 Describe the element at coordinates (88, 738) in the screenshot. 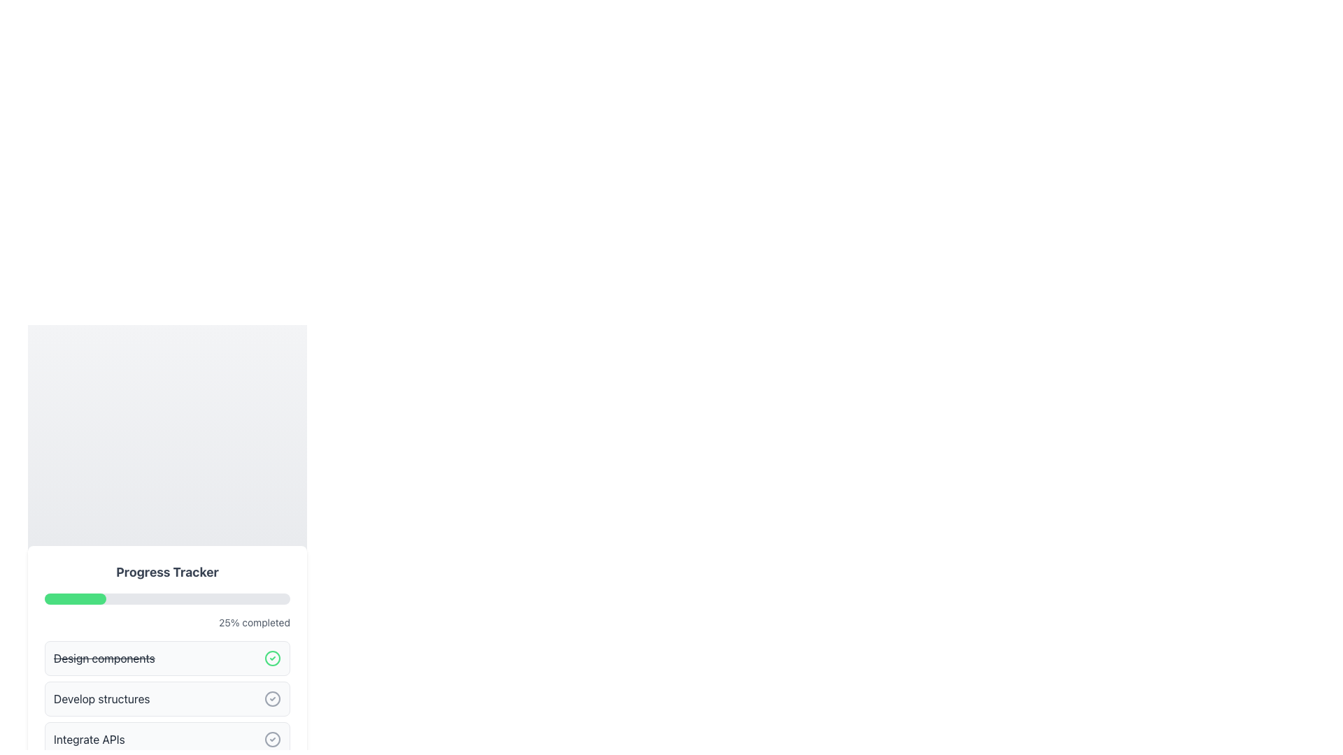

I see `text label that serves as a descriptor for the 'Integrate APIs' step in the progress tracker, located as the third entry in the vertical list` at that location.